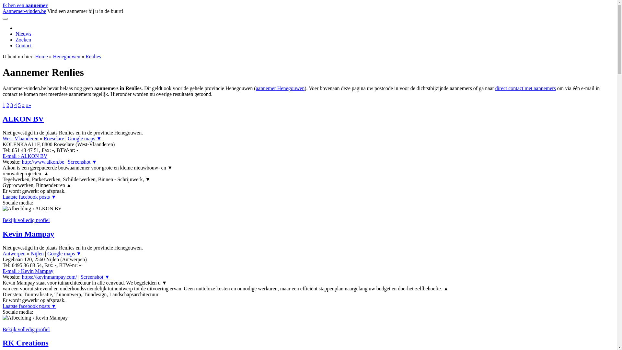  Describe the element at coordinates (43, 161) in the screenshot. I see `'http://www.alkon.be'` at that location.